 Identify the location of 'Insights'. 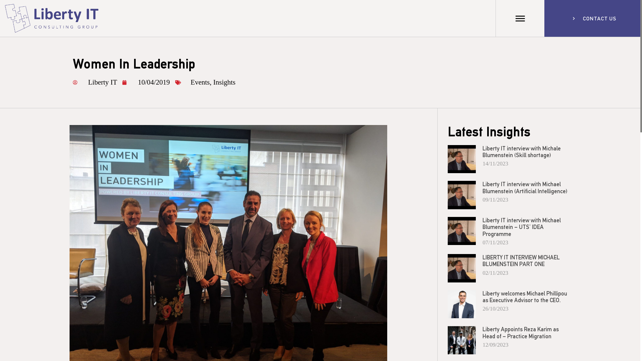
(224, 82).